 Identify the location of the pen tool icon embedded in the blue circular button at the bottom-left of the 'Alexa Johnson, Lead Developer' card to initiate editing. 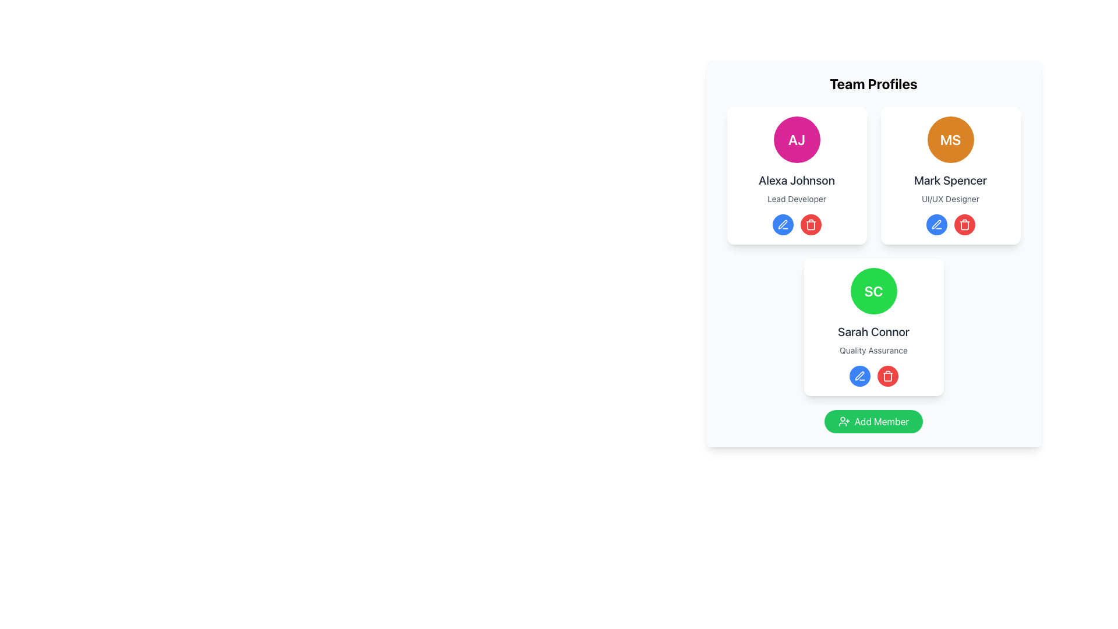
(783, 224).